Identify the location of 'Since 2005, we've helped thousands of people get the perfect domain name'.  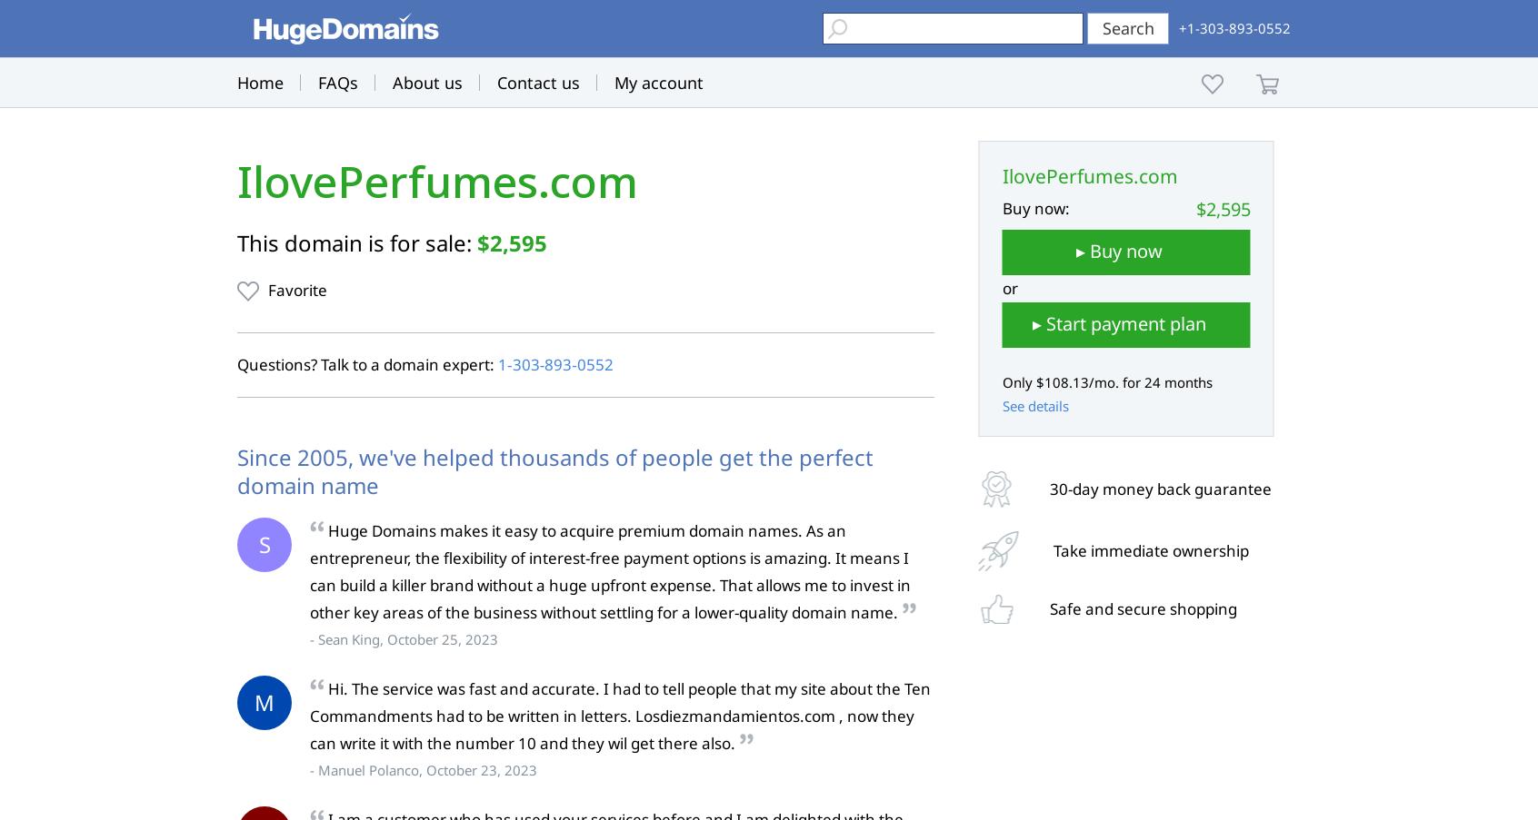
(554, 469).